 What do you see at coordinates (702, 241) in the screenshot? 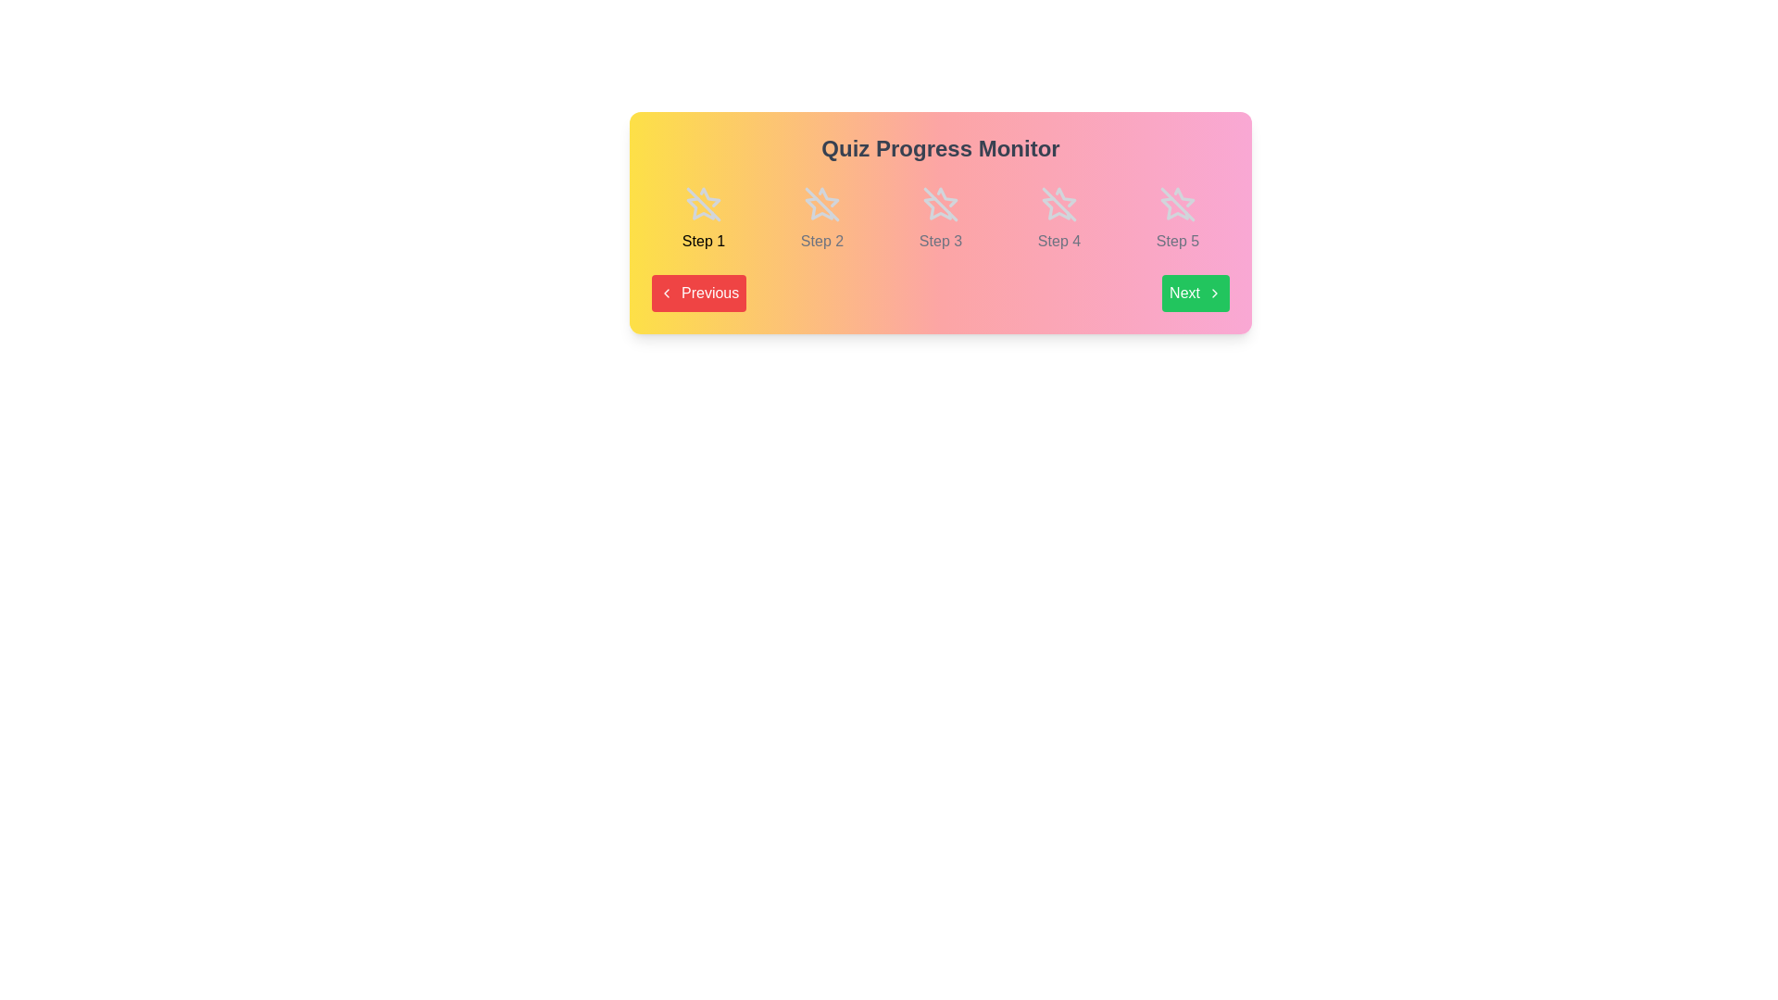
I see `the first step text label in the progress tracker, positioned below the star outline icon` at bounding box center [702, 241].